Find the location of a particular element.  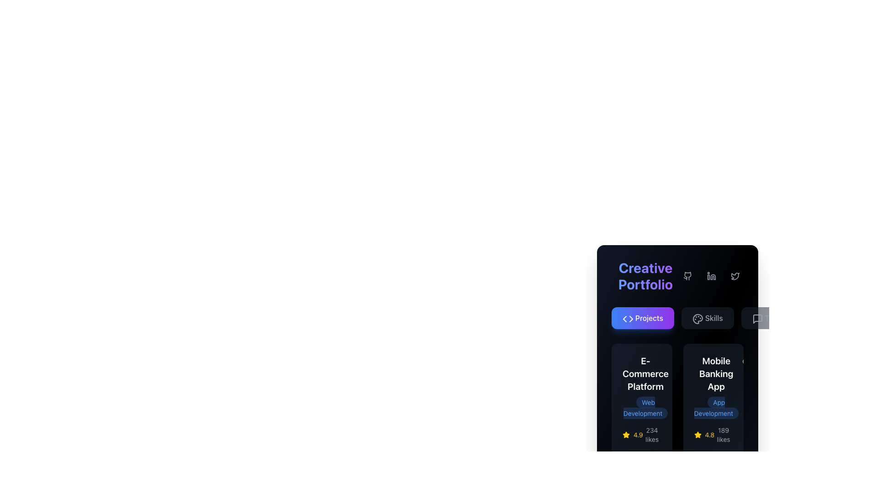

the 'Projects' text label within the button is located at coordinates (649, 318).